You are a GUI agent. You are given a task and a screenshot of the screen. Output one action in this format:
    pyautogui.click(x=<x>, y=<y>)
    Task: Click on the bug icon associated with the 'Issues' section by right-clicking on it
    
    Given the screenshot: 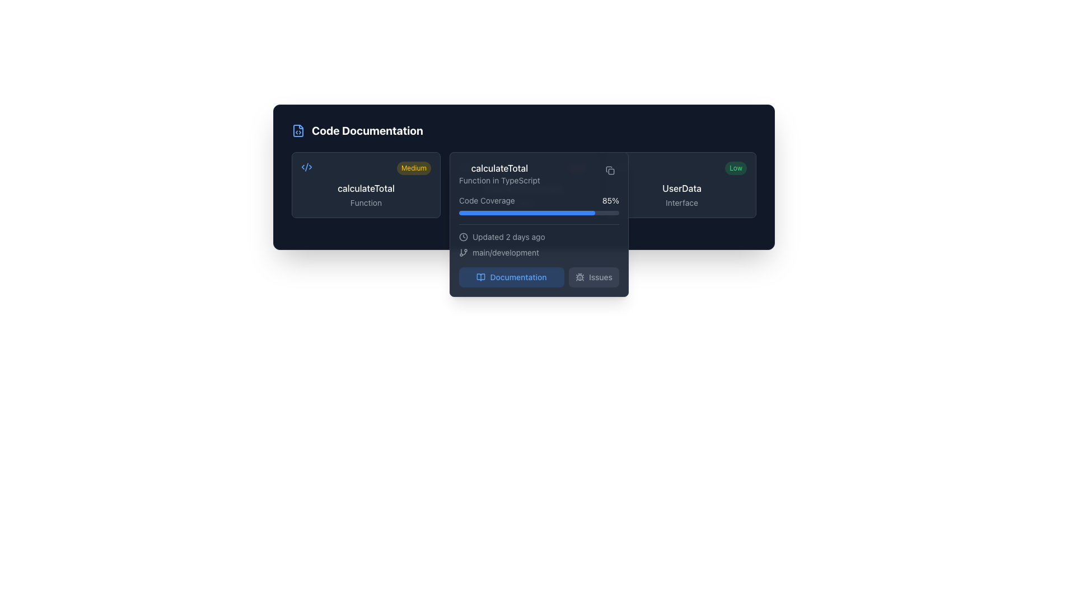 What is the action you would take?
    pyautogui.click(x=580, y=277)
    